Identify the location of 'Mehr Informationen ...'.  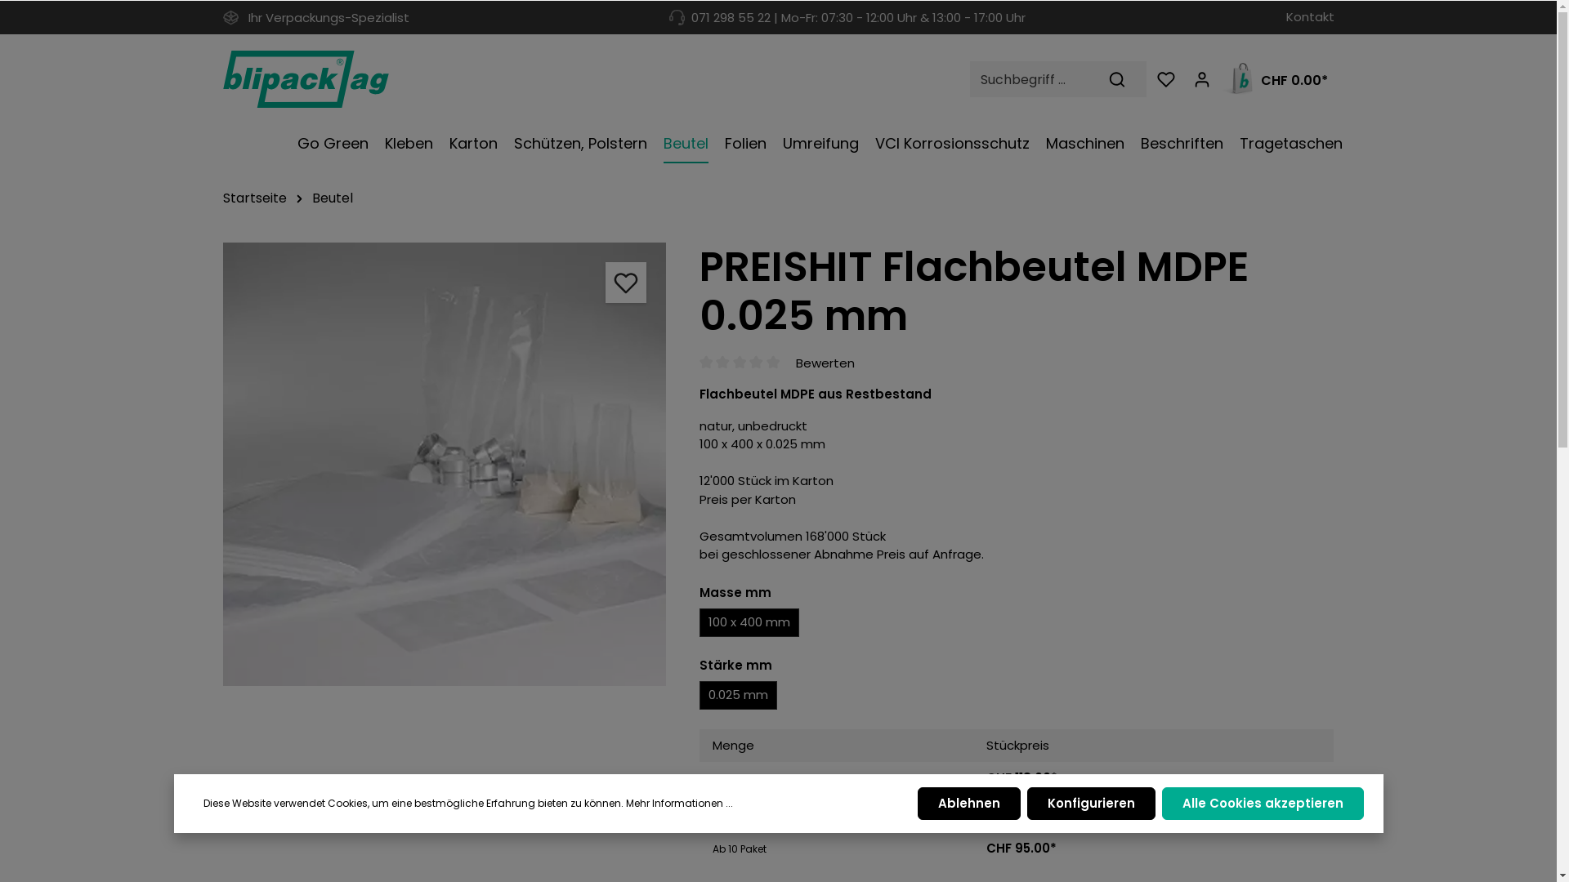
(679, 802).